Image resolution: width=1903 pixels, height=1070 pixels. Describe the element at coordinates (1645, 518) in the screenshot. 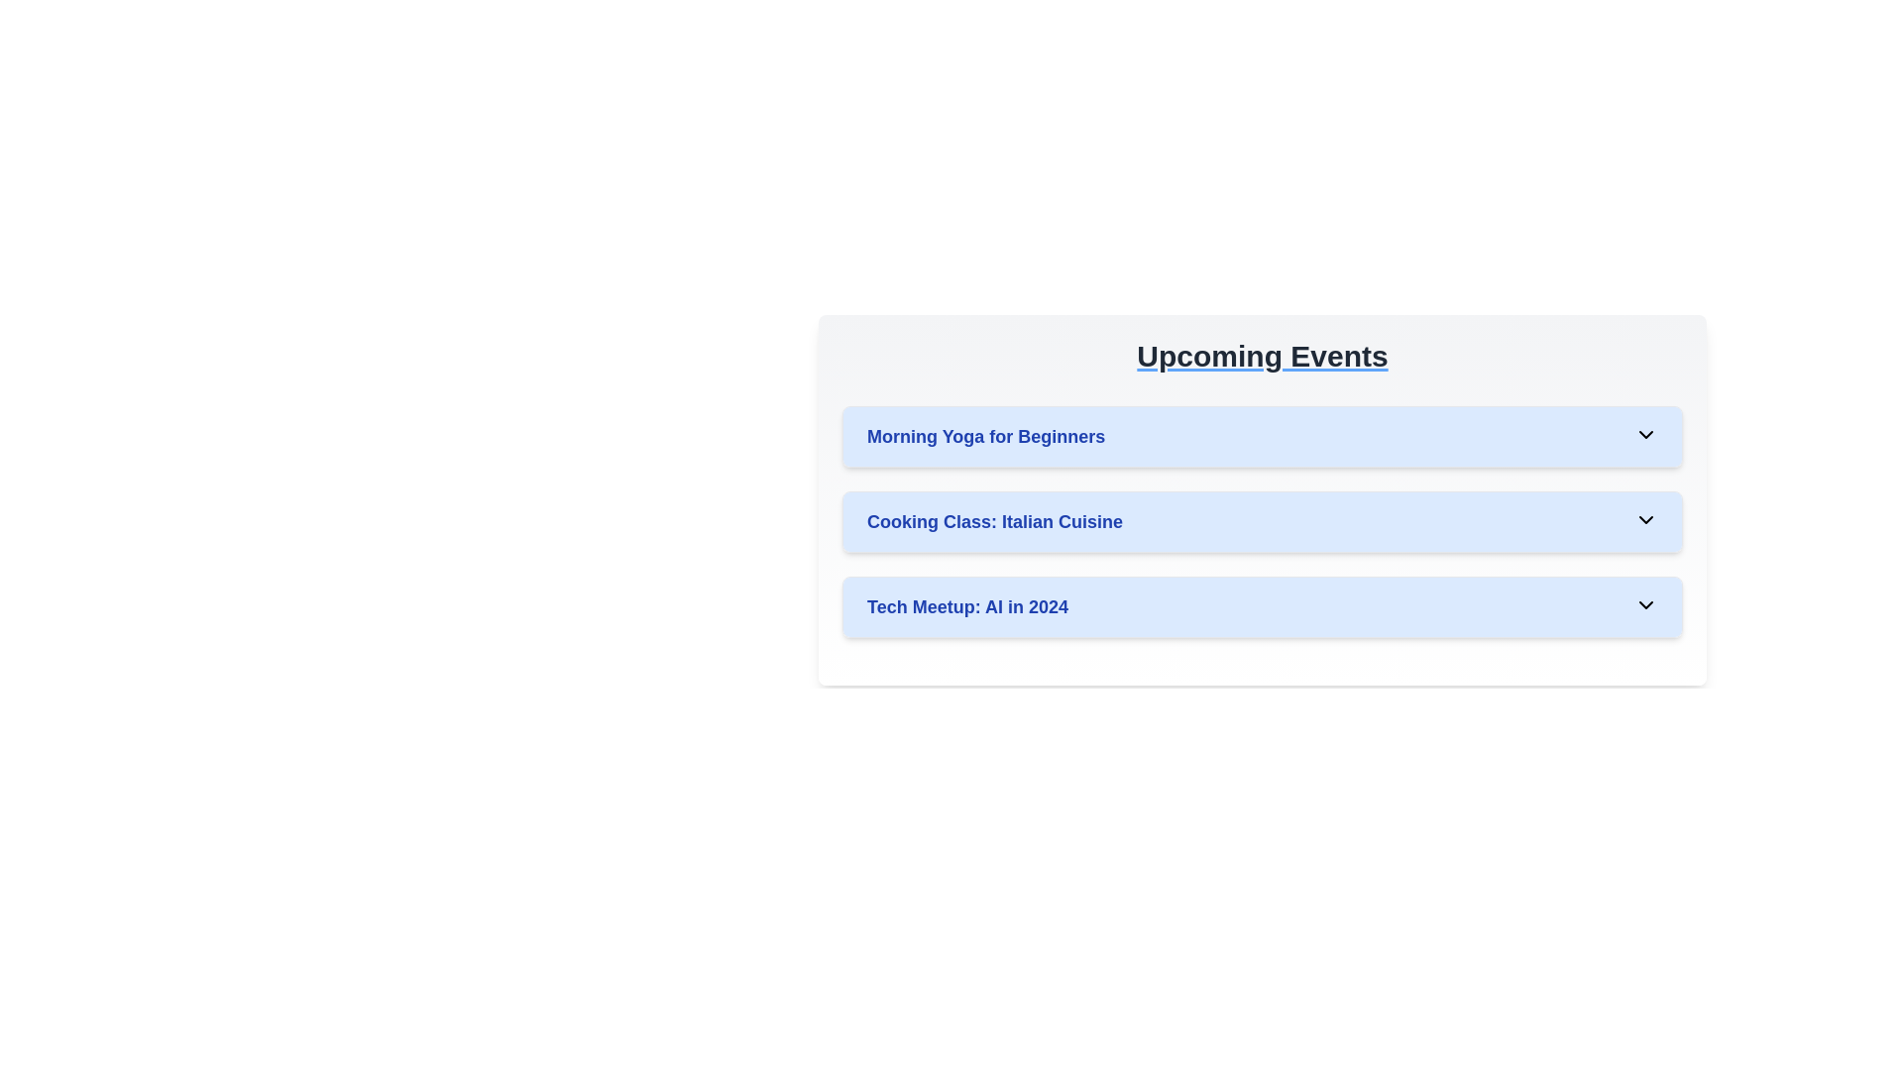

I see `the downward arrow icon indicating a dropdown, located to the right of the 'Cooking Class: Italian Cuisine' text` at that location.